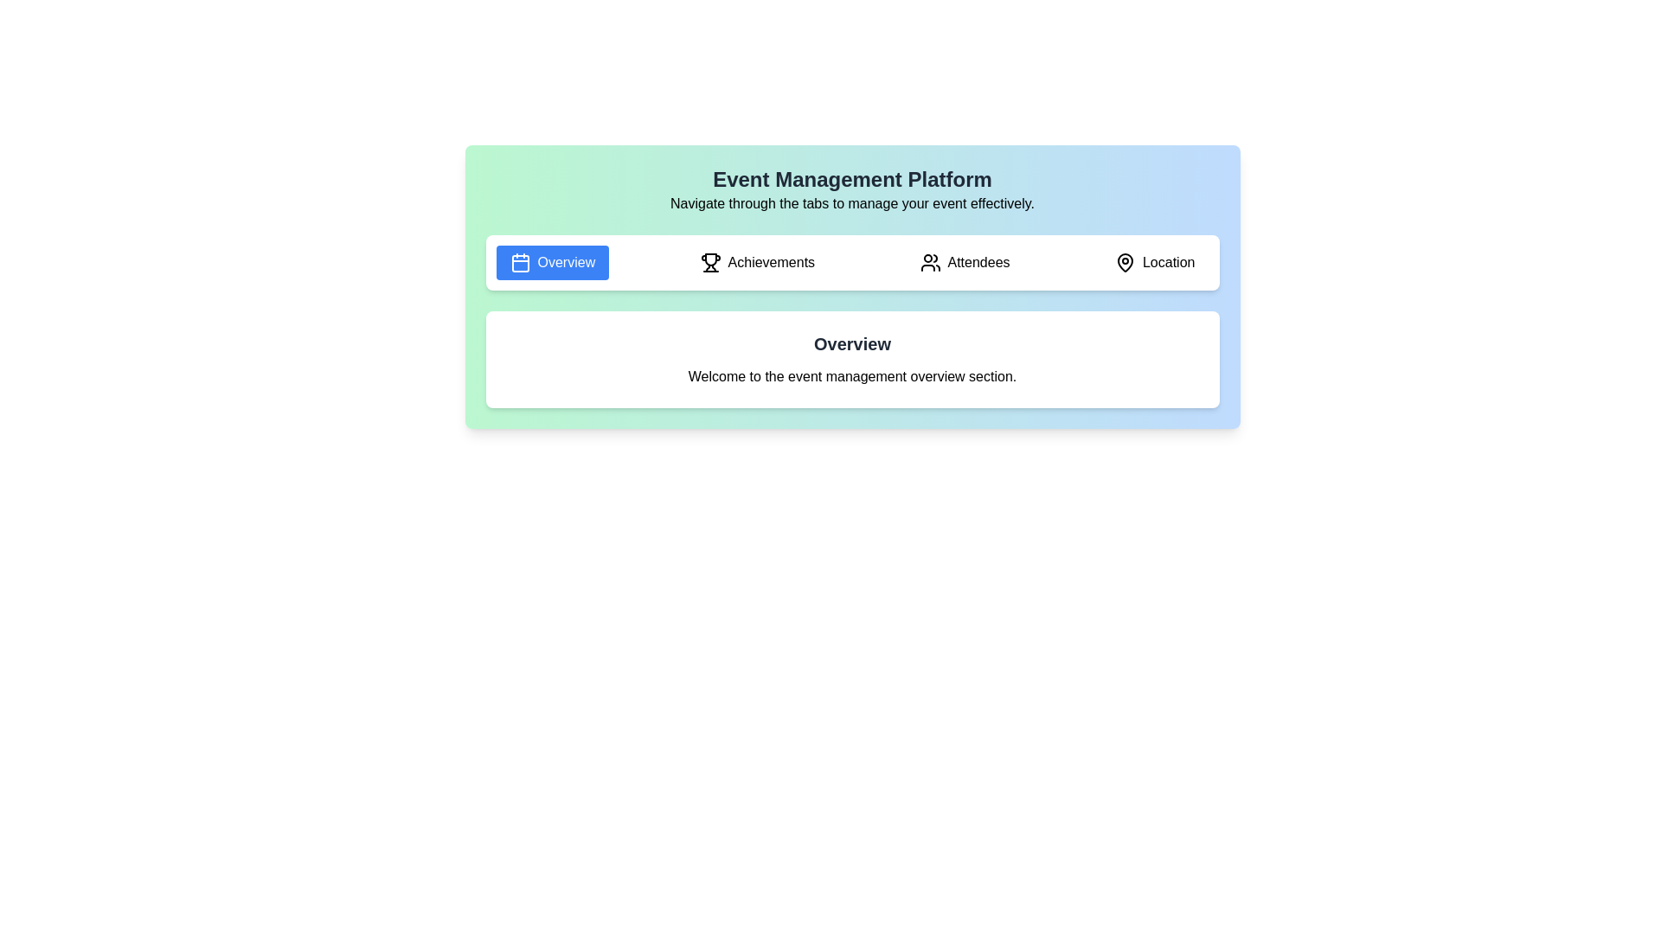  Describe the element at coordinates (852, 202) in the screenshot. I see `instructional text located in the header section of the 'Event Management Platform', which provides guidance on managing event-related tasks` at that location.